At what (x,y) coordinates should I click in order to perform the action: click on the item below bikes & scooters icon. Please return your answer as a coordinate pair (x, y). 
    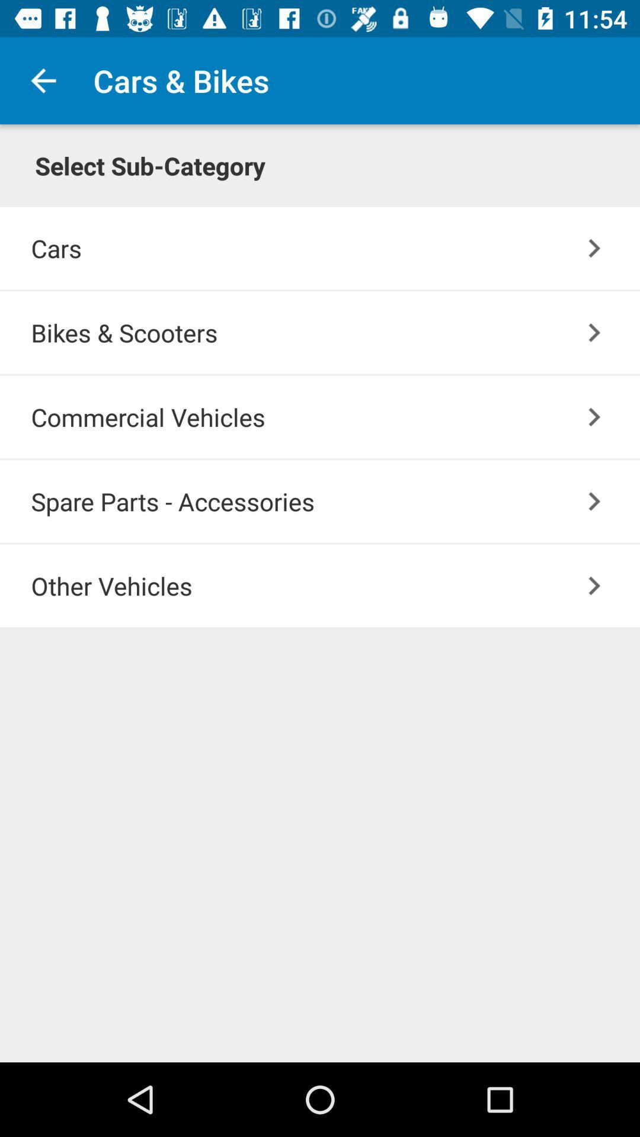
    Looking at the image, I should click on (335, 417).